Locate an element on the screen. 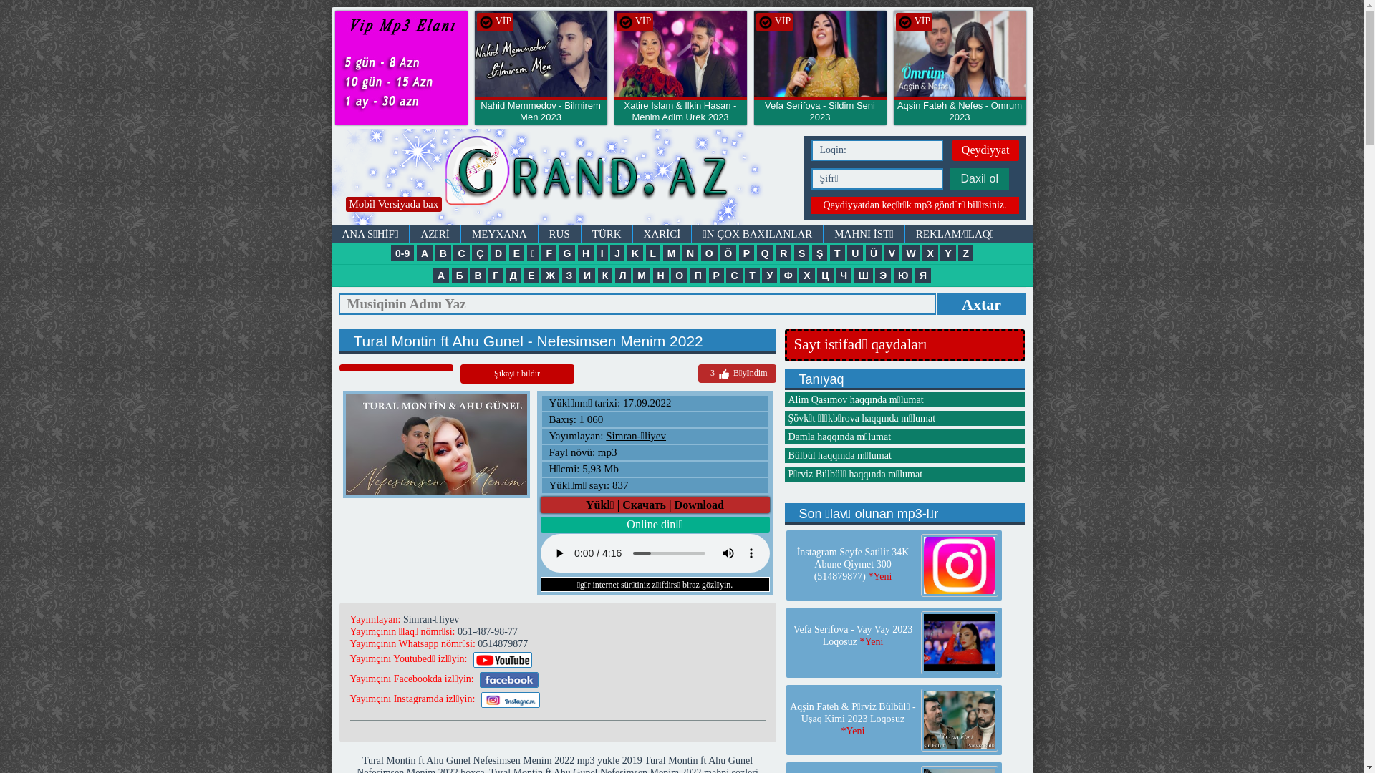  'J' is located at coordinates (617, 253).